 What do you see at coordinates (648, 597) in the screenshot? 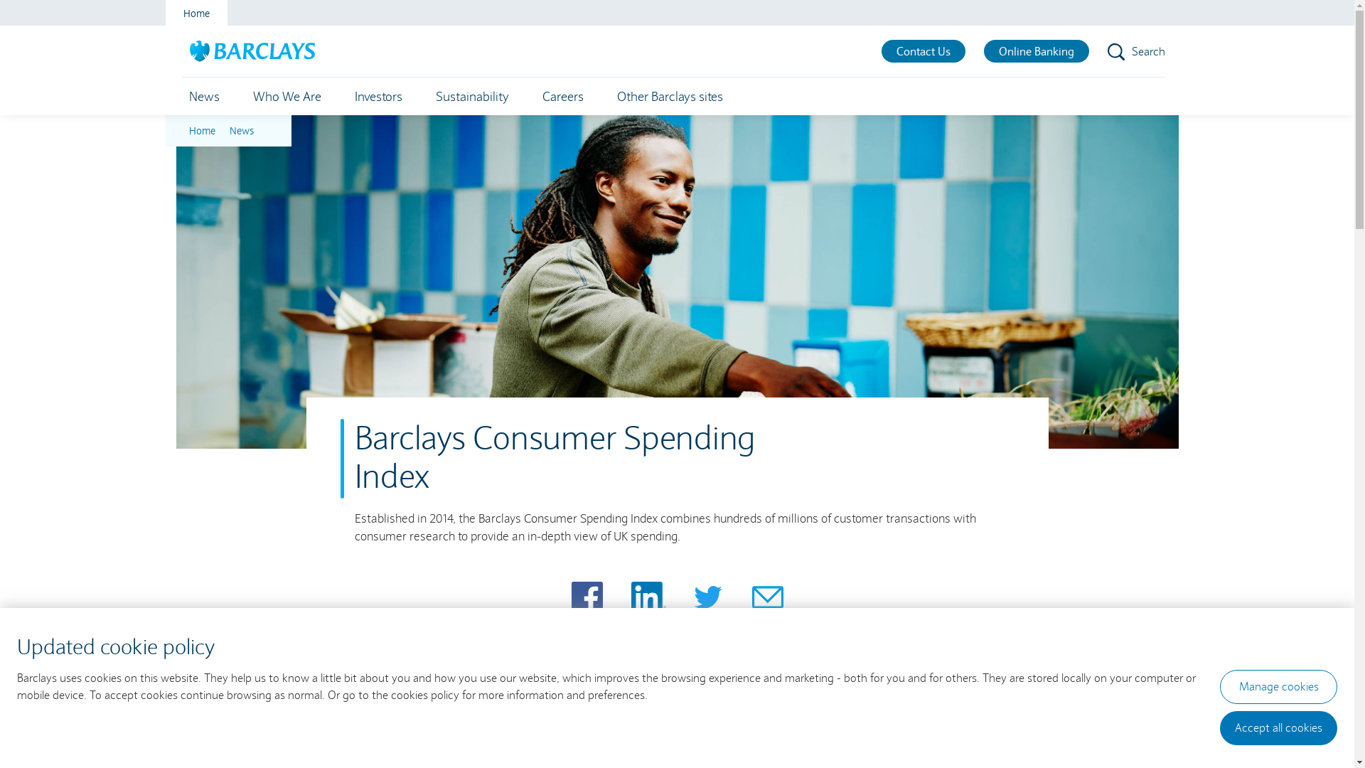
I see `'Share page via LinkedIn'` at bounding box center [648, 597].